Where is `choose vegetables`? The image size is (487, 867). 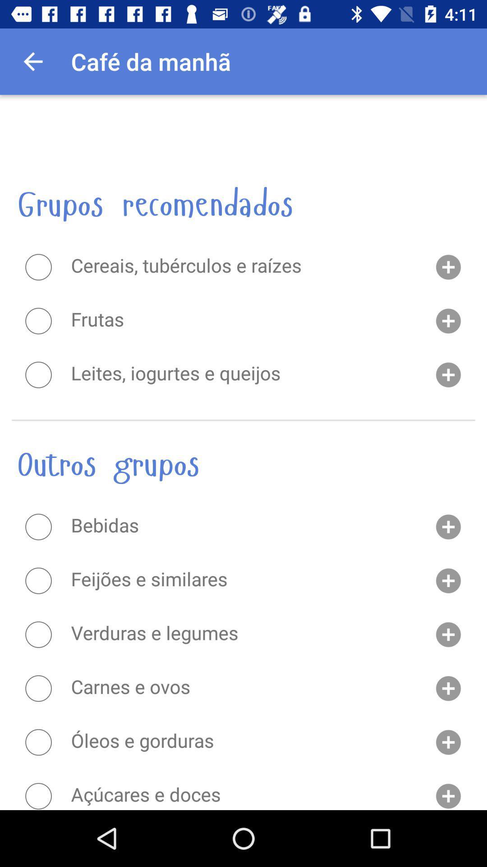 choose vegetables is located at coordinates (38, 634).